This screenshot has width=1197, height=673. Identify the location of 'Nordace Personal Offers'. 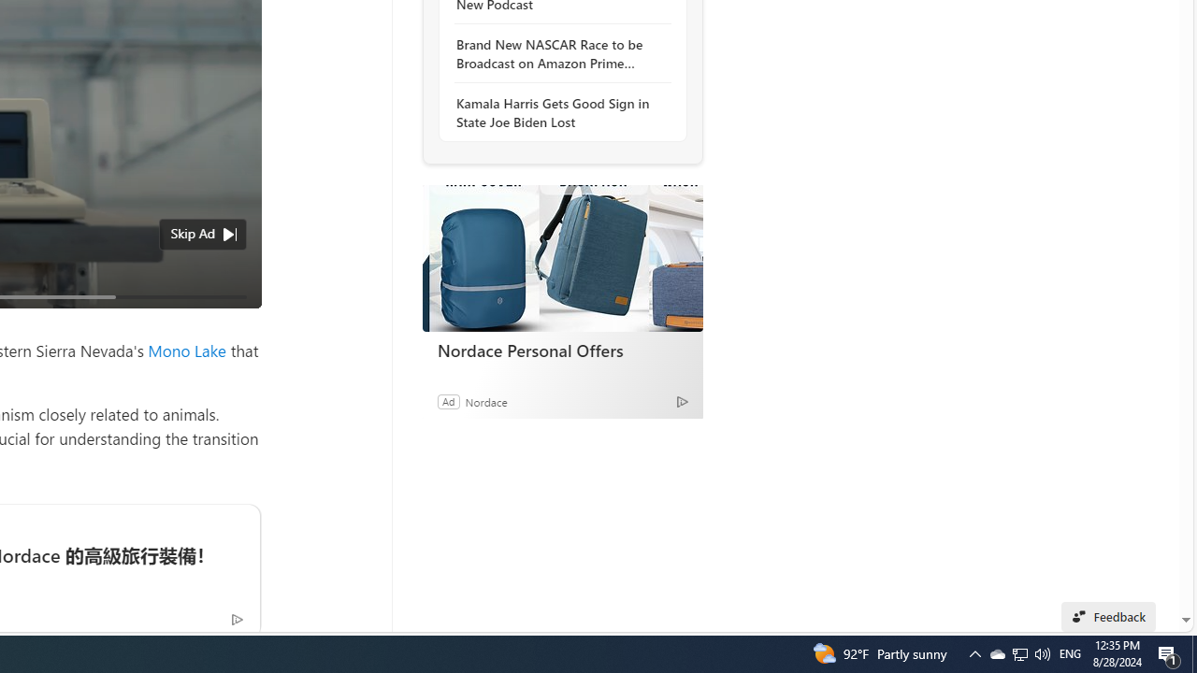
(561, 258).